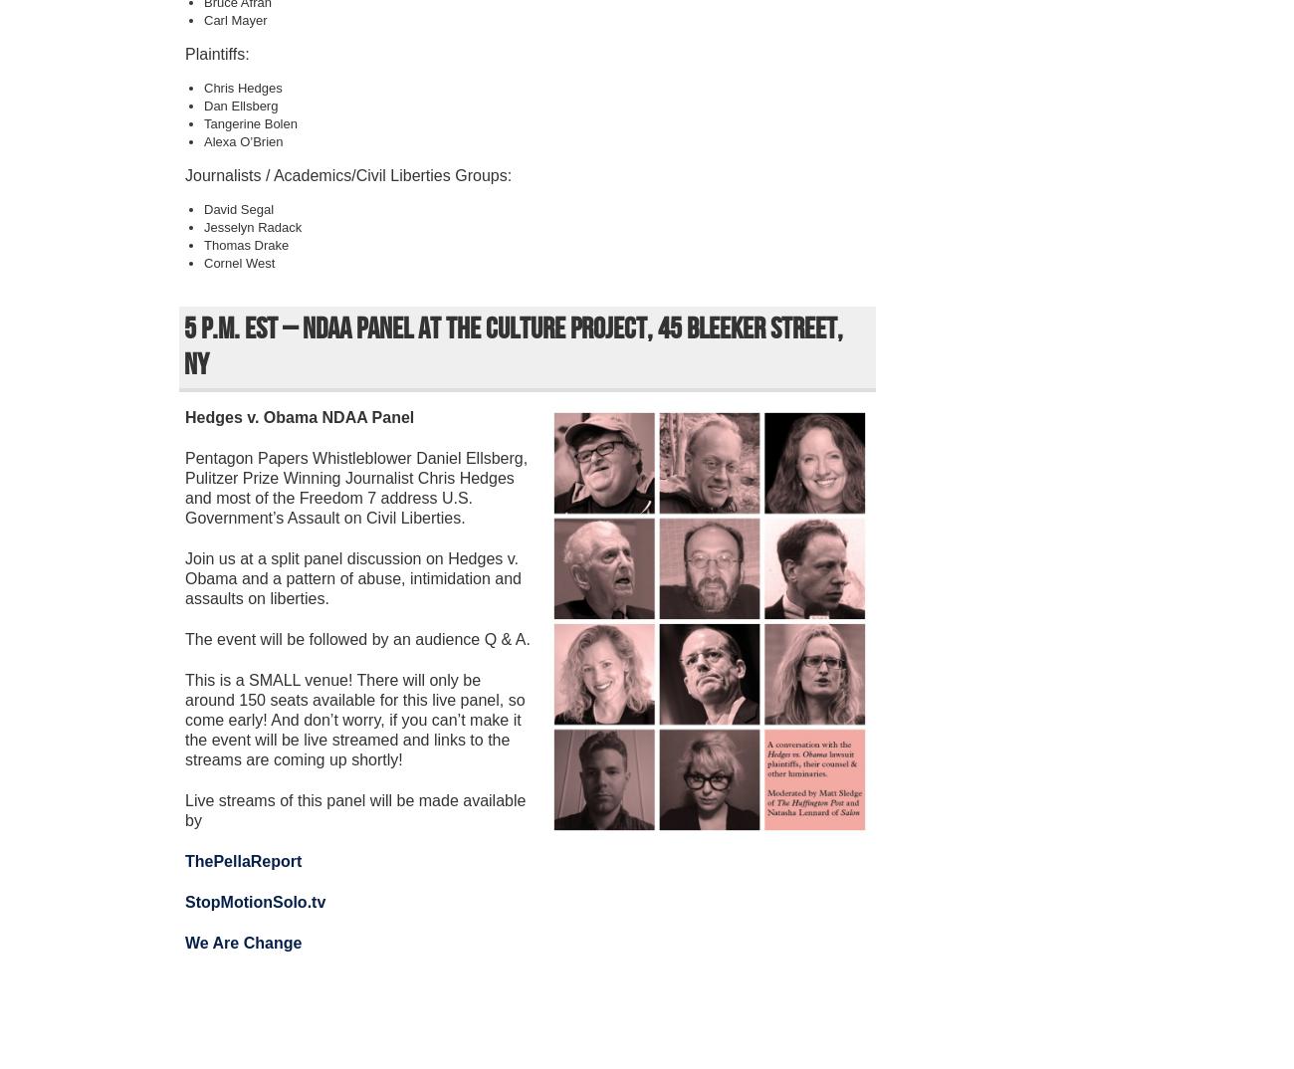  What do you see at coordinates (242, 88) in the screenshot?
I see `'Chris Hedges'` at bounding box center [242, 88].